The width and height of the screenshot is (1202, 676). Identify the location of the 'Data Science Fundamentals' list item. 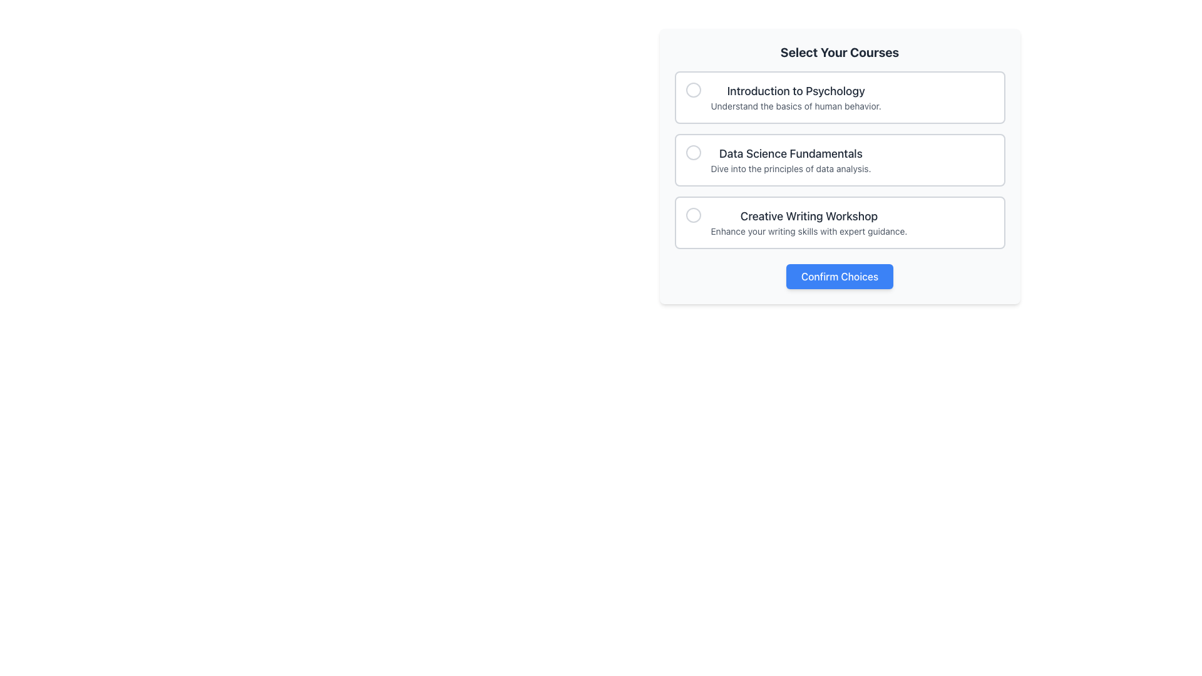
(790, 159).